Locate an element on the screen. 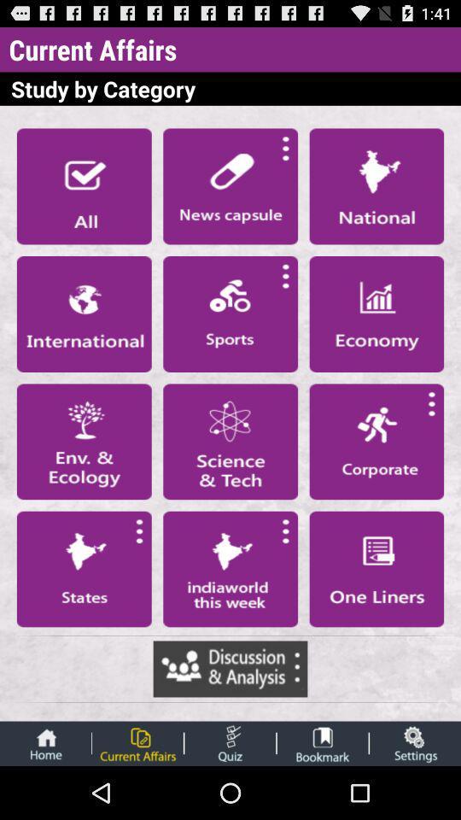 The height and width of the screenshot is (820, 461). change current settings is located at coordinates (414, 742).